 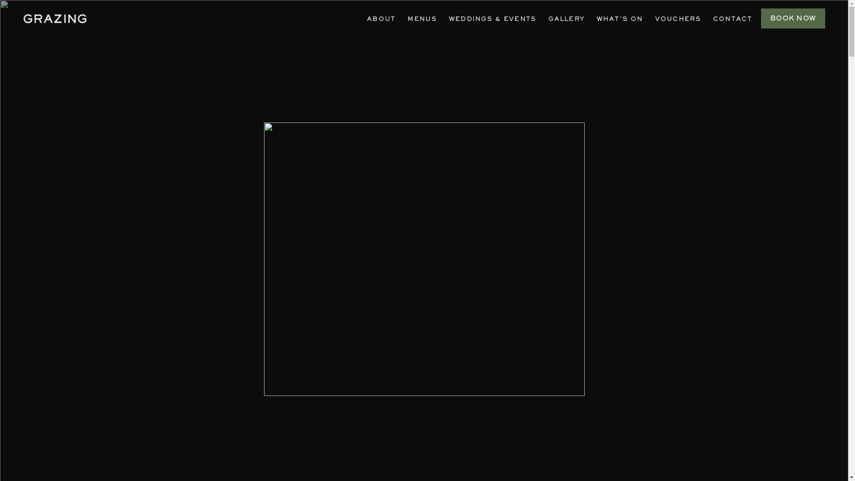 I want to click on 'GALLERY', so click(x=547, y=19).